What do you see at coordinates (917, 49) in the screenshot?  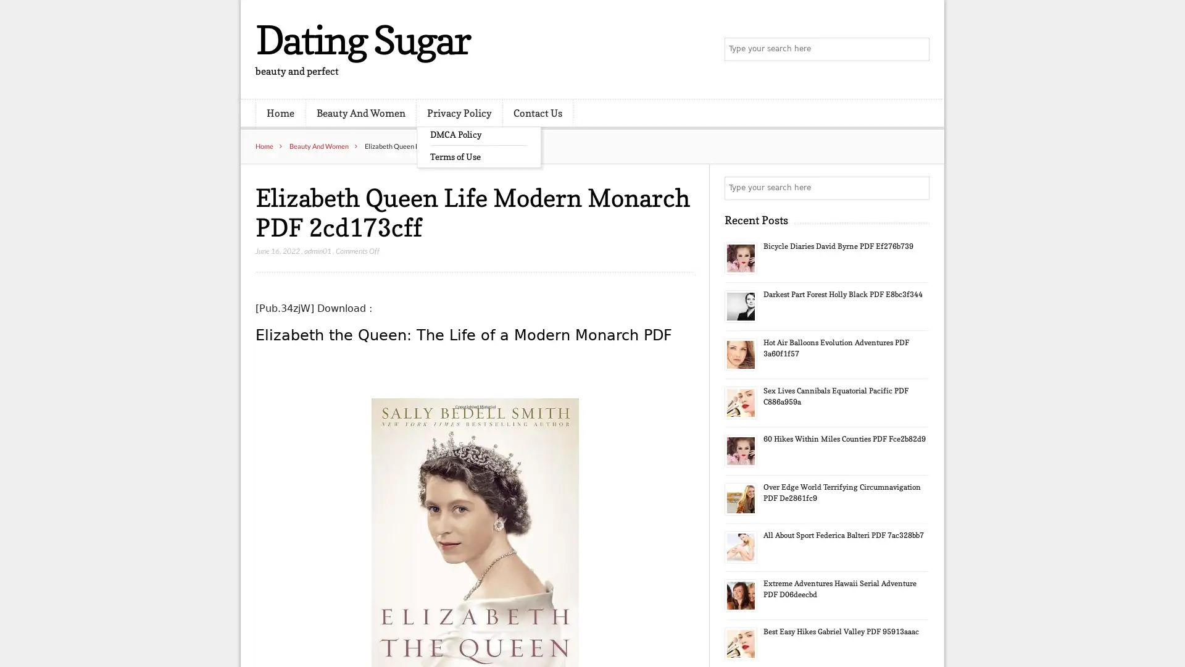 I see `Search` at bounding box center [917, 49].